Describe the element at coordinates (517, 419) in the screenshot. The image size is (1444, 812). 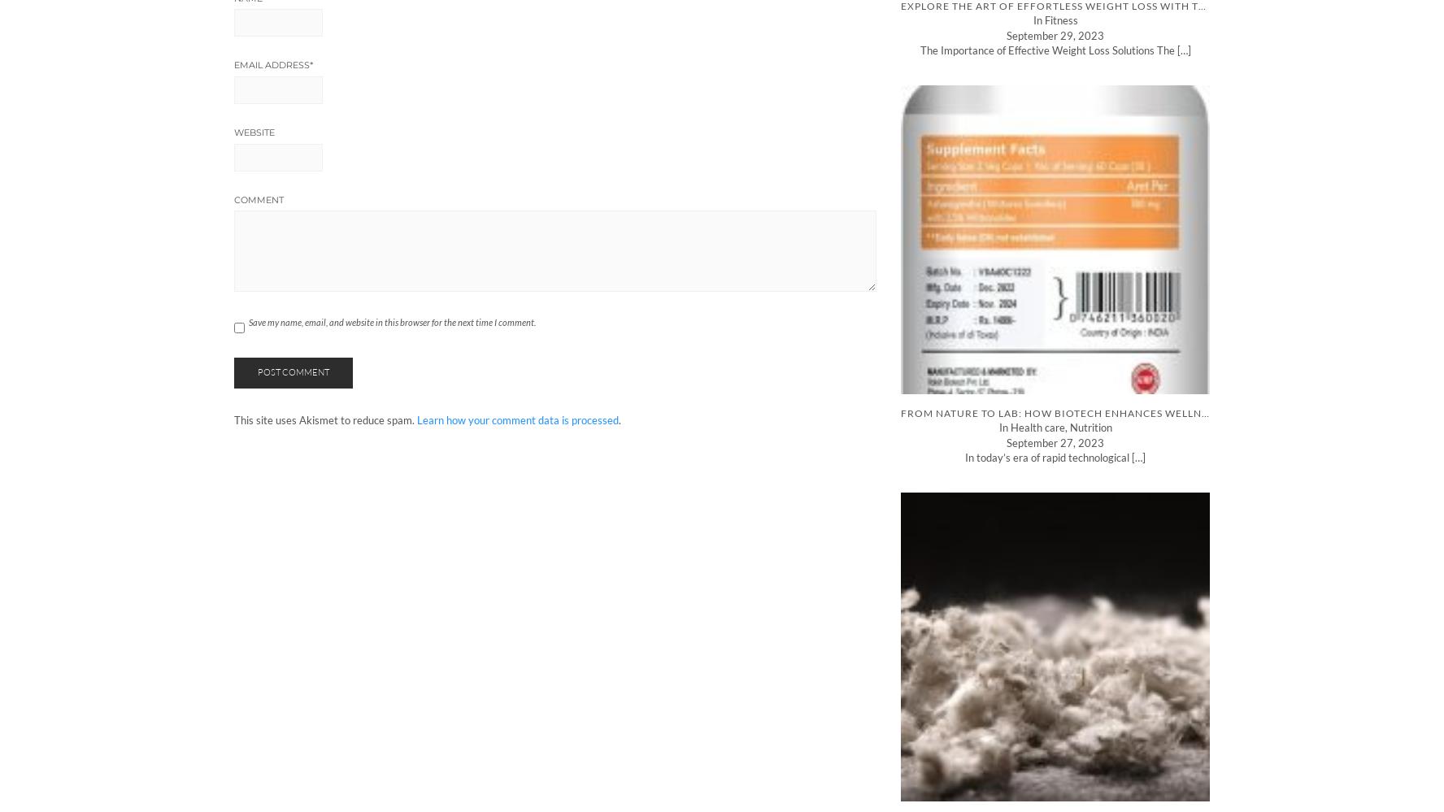
I see `'Learn how your comment data is processed'` at that location.